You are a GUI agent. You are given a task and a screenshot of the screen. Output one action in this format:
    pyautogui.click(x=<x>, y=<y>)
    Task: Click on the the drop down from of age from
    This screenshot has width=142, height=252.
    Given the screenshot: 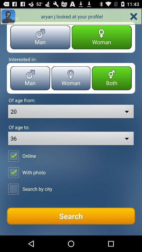 What is the action you would take?
    pyautogui.click(x=71, y=112)
    